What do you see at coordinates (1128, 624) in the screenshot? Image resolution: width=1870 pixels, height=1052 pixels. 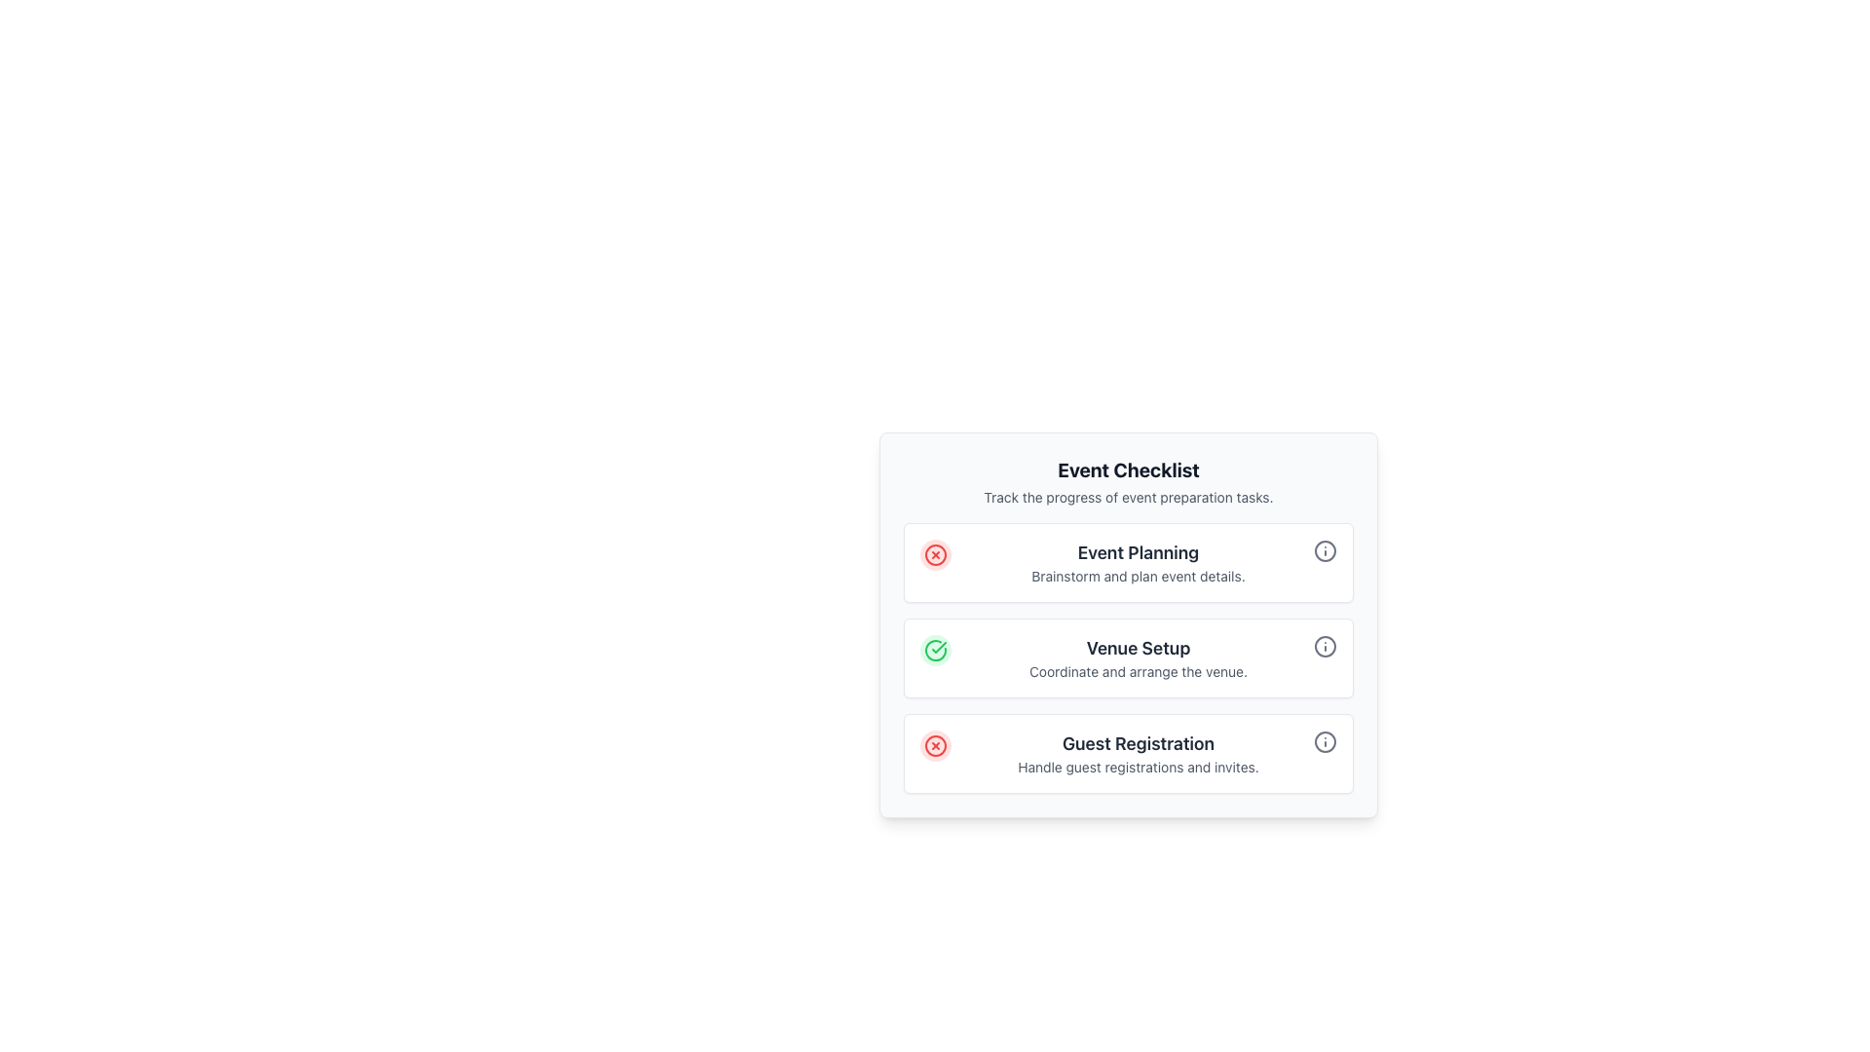 I see `the checklist card component that presents steps or tasks in an event preparation checklist` at bounding box center [1128, 624].